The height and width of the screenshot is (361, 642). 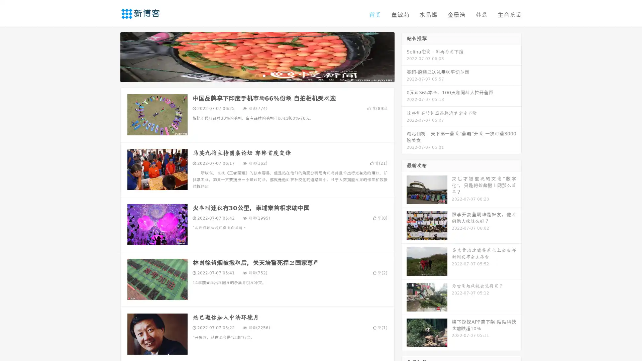 What do you see at coordinates (257, 75) in the screenshot?
I see `Go to slide 2` at bounding box center [257, 75].